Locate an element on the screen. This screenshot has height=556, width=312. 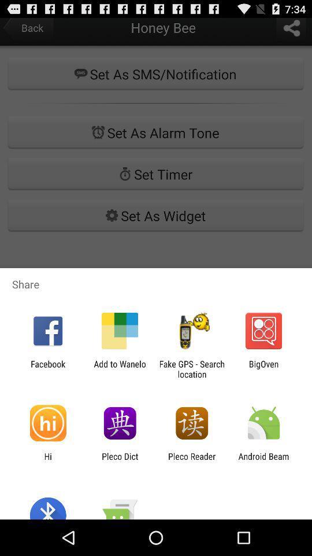
icon to the left of the android beam is located at coordinates (192, 461).